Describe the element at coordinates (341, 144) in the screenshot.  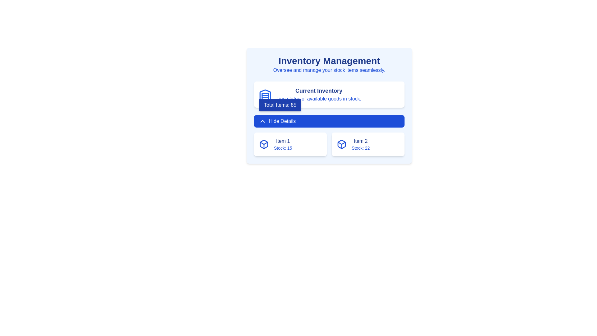
I see `the icon representing 'Item 2' located at the left end of the 'Item 2Stock: 22' card, adjacent to the description text` at that location.